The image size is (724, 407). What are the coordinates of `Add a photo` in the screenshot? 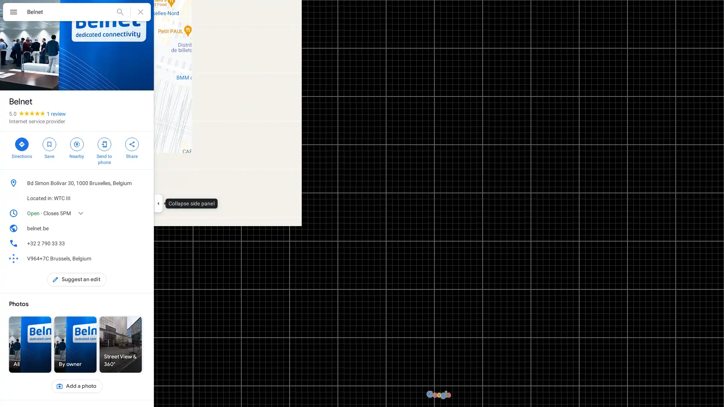 It's located at (77, 386).